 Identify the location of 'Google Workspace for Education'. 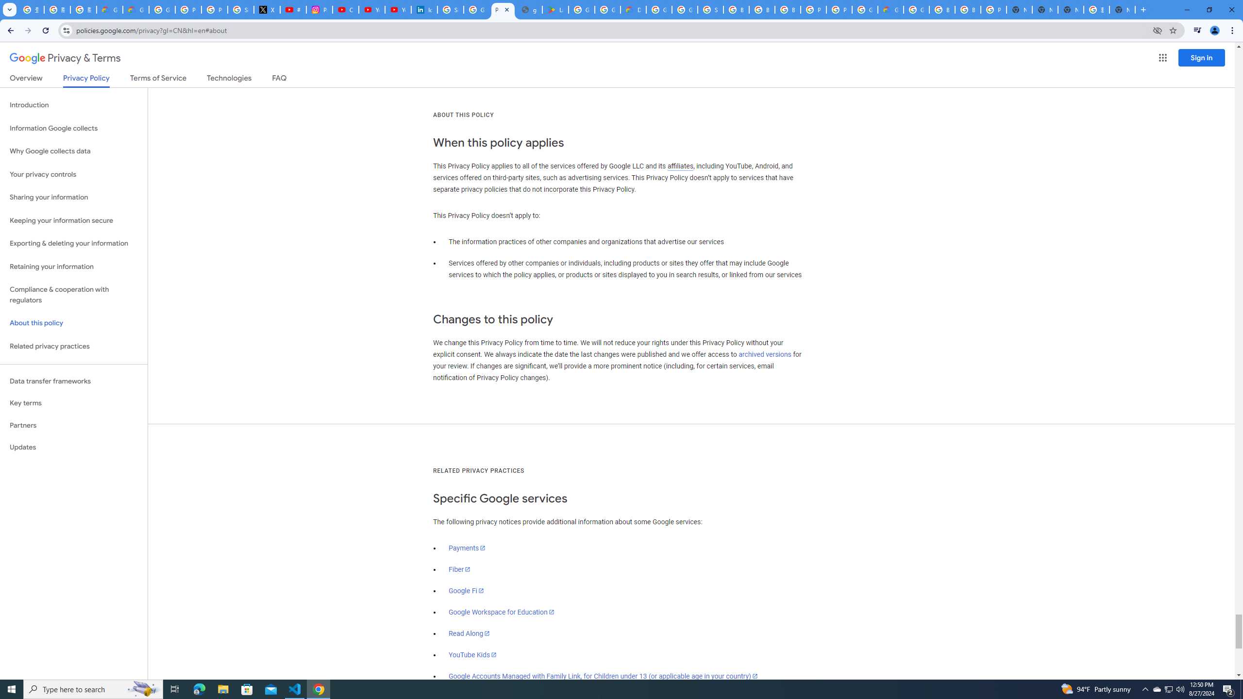
(501, 612).